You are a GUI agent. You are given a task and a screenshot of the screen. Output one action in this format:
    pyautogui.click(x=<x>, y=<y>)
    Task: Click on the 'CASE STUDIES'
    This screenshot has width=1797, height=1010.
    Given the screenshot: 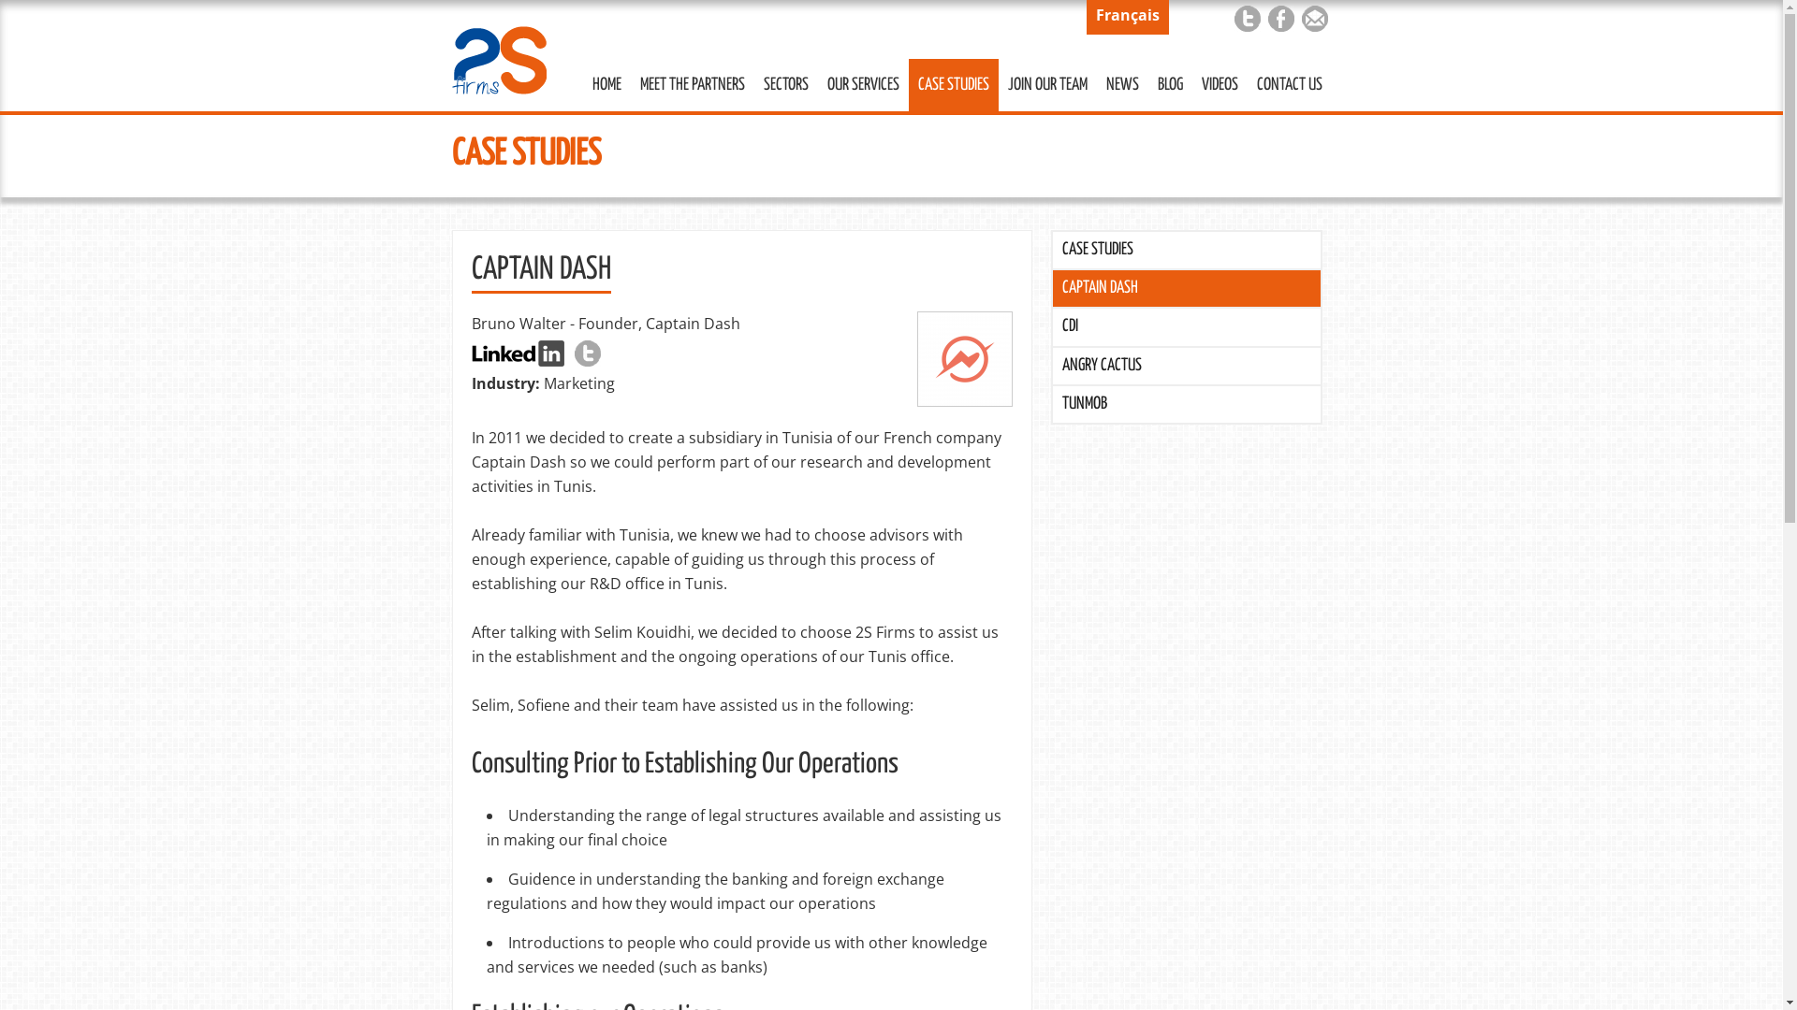 What is the action you would take?
    pyautogui.click(x=1185, y=249)
    